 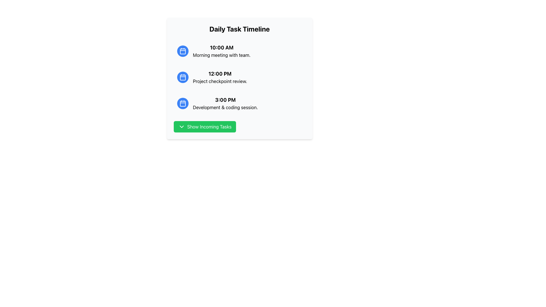 What do you see at coordinates (225, 103) in the screenshot?
I see `the text element displaying '3:00 PM' followed by 'Development & coding session.' positioned in the third item of the vertically arranged task list` at bounding box center [225, 103].